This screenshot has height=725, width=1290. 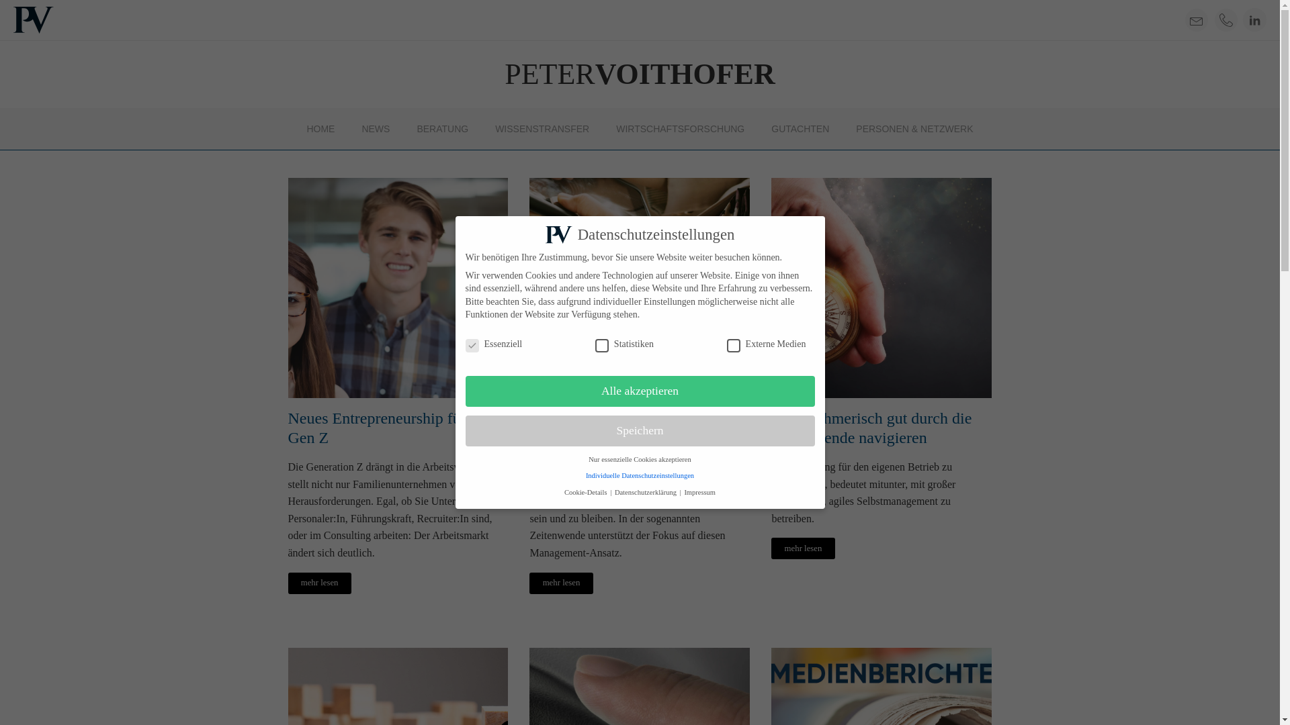 I want to click on 'WIRTSCHAFTSFORSCHUNG', so click(x=680, y=129).